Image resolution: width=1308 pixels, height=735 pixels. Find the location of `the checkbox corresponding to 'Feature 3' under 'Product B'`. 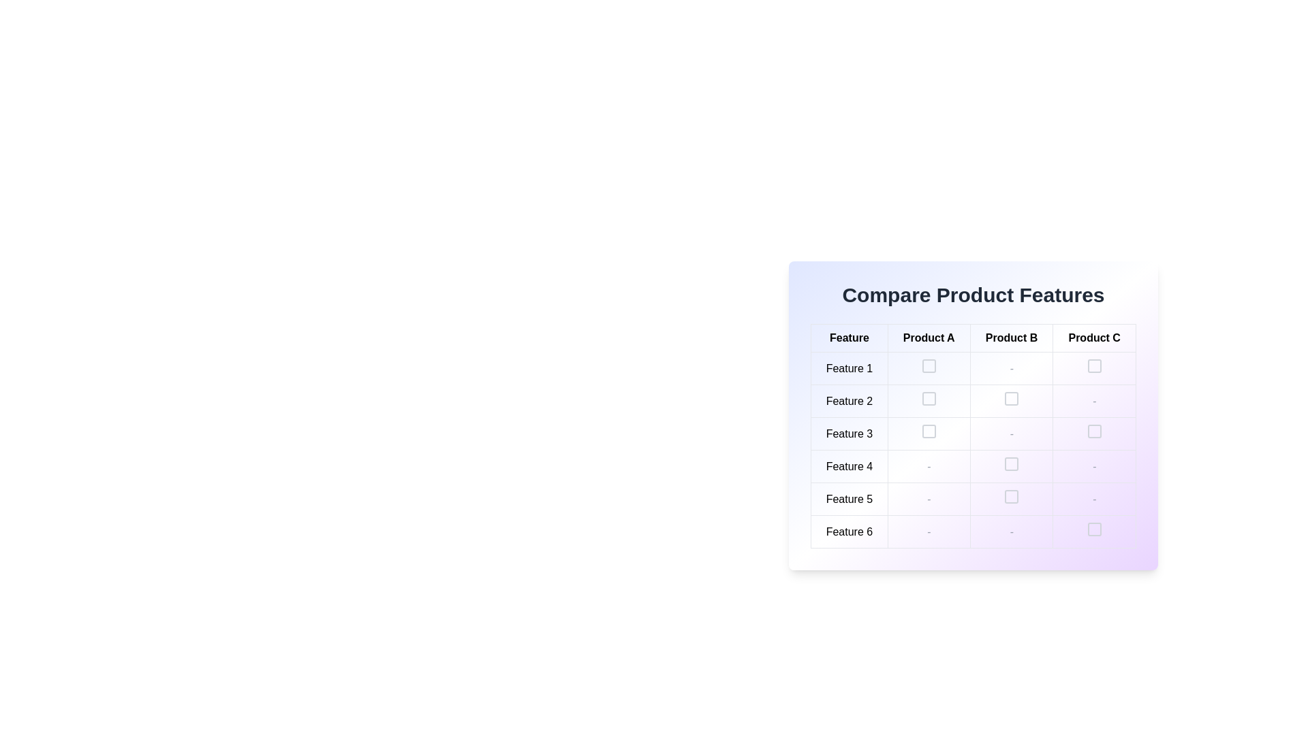

the checkbox corresponding to 'Feature 3' under 'Product B' is located at coordinates (973, 450).